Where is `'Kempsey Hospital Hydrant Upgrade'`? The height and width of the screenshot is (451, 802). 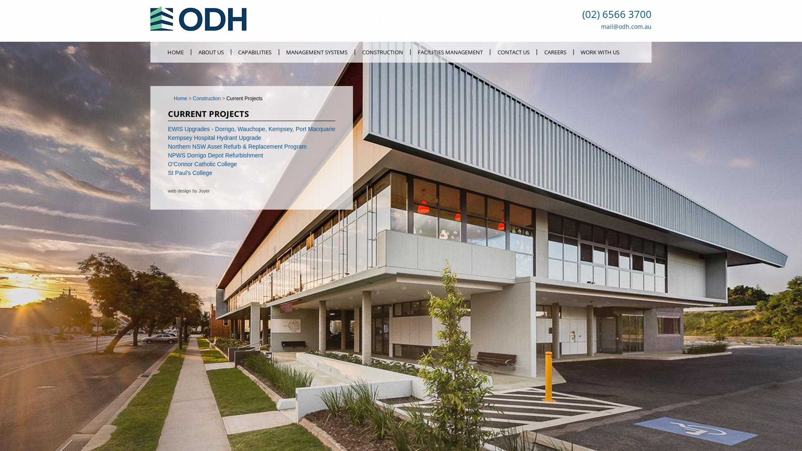 'Kempsey Hospital Hydrant Upgrade' is located at coordinates (214, 137).